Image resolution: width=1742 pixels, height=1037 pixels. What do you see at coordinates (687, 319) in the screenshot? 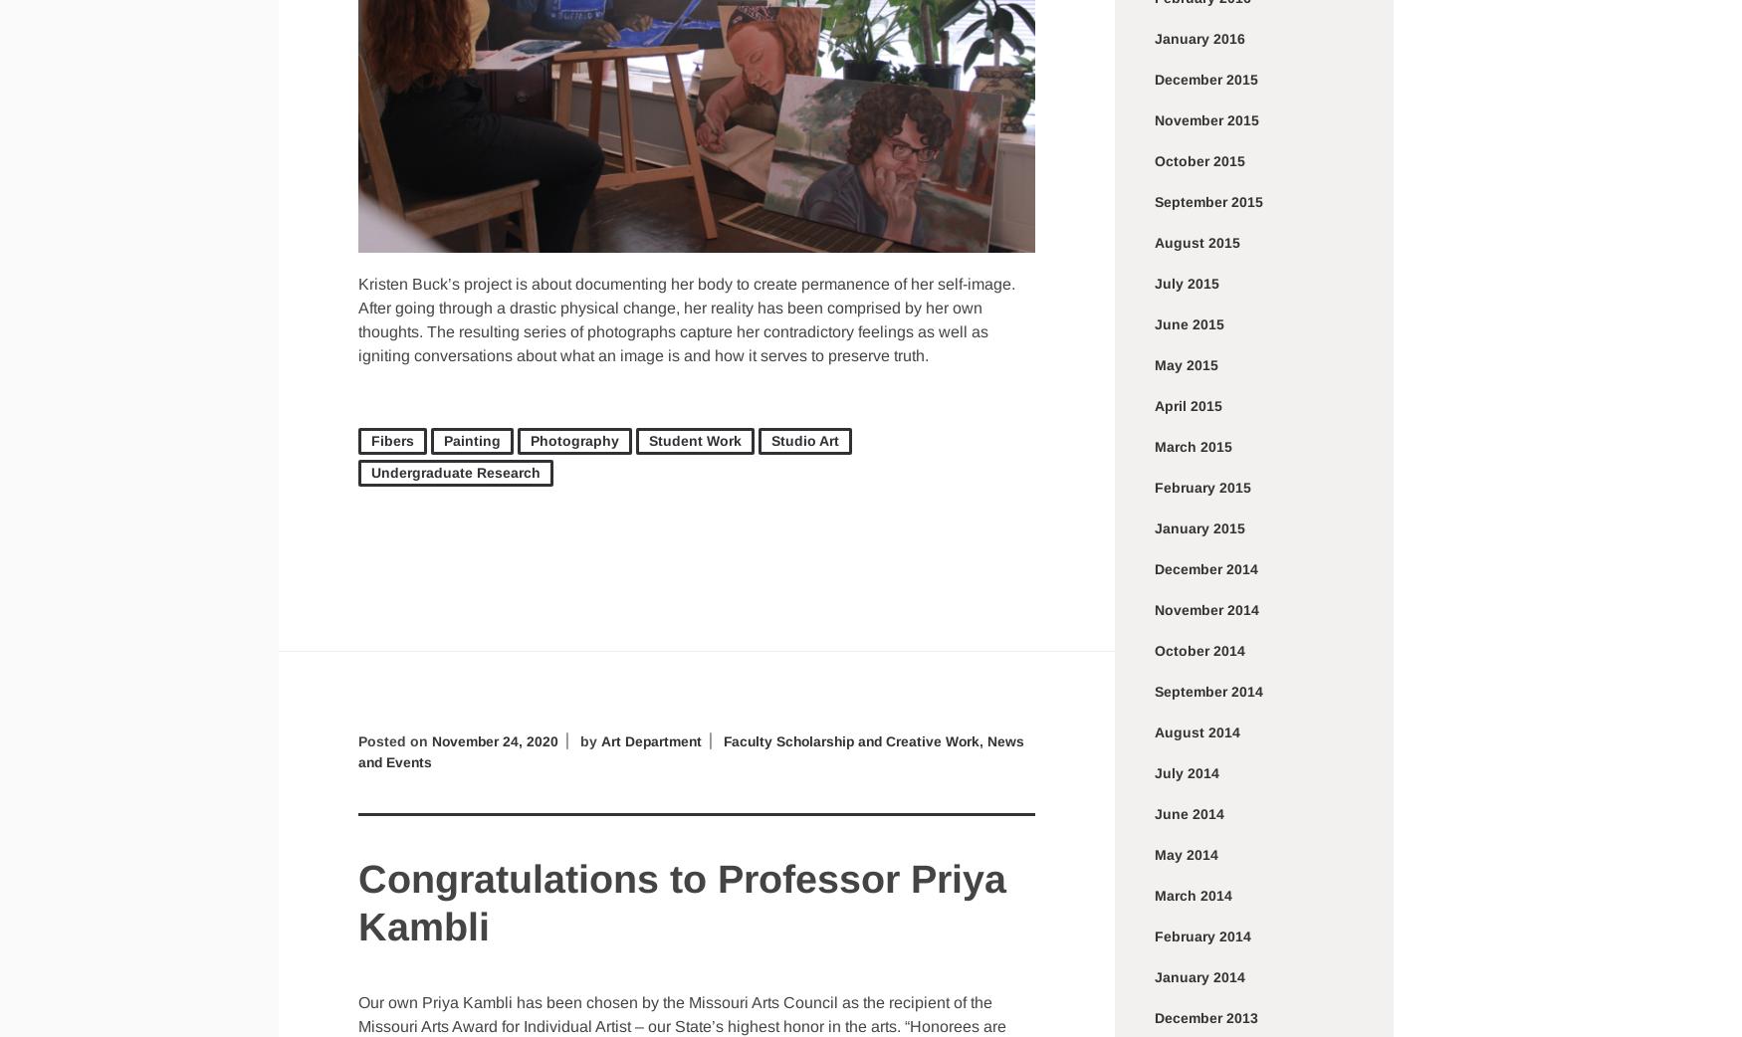
I see `'Kristen Buck’s project is about documenting her body to create permanence of her self-image. After going through a drastic physical change, her reality has been comprised by her own thoughts. The resulting series of photographs capture her contradictory feelings as well as igniting conversations about what an image is and how it serves to preserve truth.'` at bounding box center [687, 319].